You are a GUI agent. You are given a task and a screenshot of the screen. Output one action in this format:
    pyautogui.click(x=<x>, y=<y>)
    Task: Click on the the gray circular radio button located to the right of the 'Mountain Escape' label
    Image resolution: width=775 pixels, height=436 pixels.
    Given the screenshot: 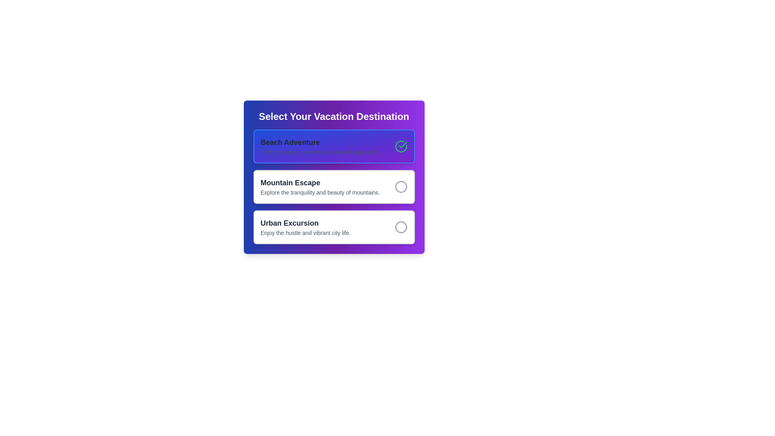 What is the action you would take?
    pyautogui.click(x=401, y=187)
    